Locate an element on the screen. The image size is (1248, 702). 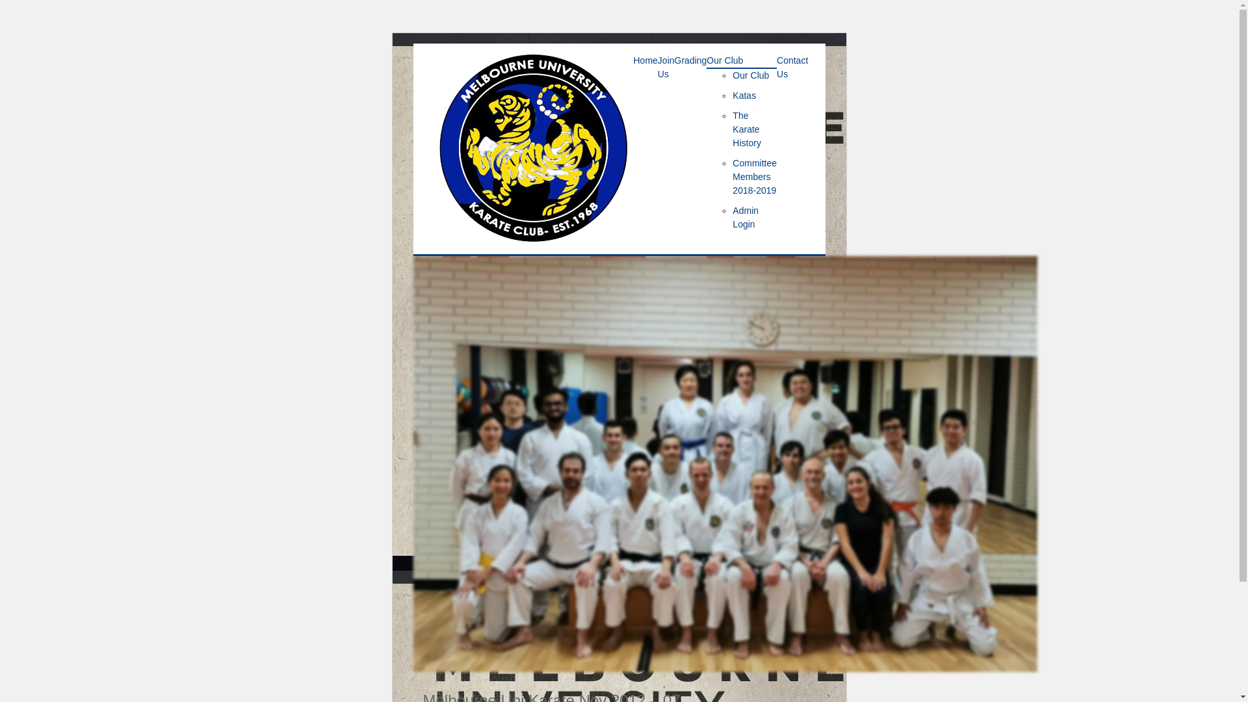
'Home' is located at coordinates (645, 60).